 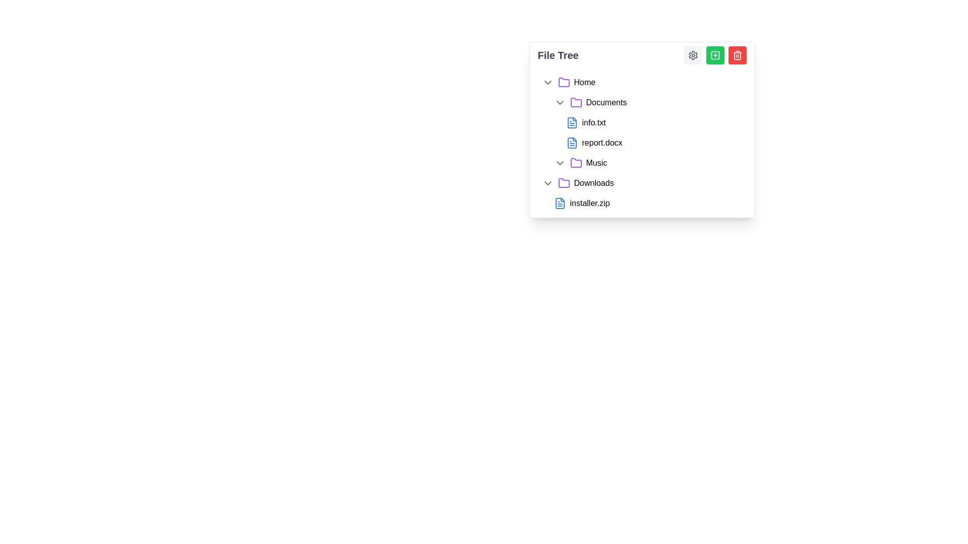 What do you see at coordinates (576, 103) in the screenshot?
I see `the 'Documents' icon located to the left of the 'Documents' text in the file tree structure` at bounding box center [576, 103].